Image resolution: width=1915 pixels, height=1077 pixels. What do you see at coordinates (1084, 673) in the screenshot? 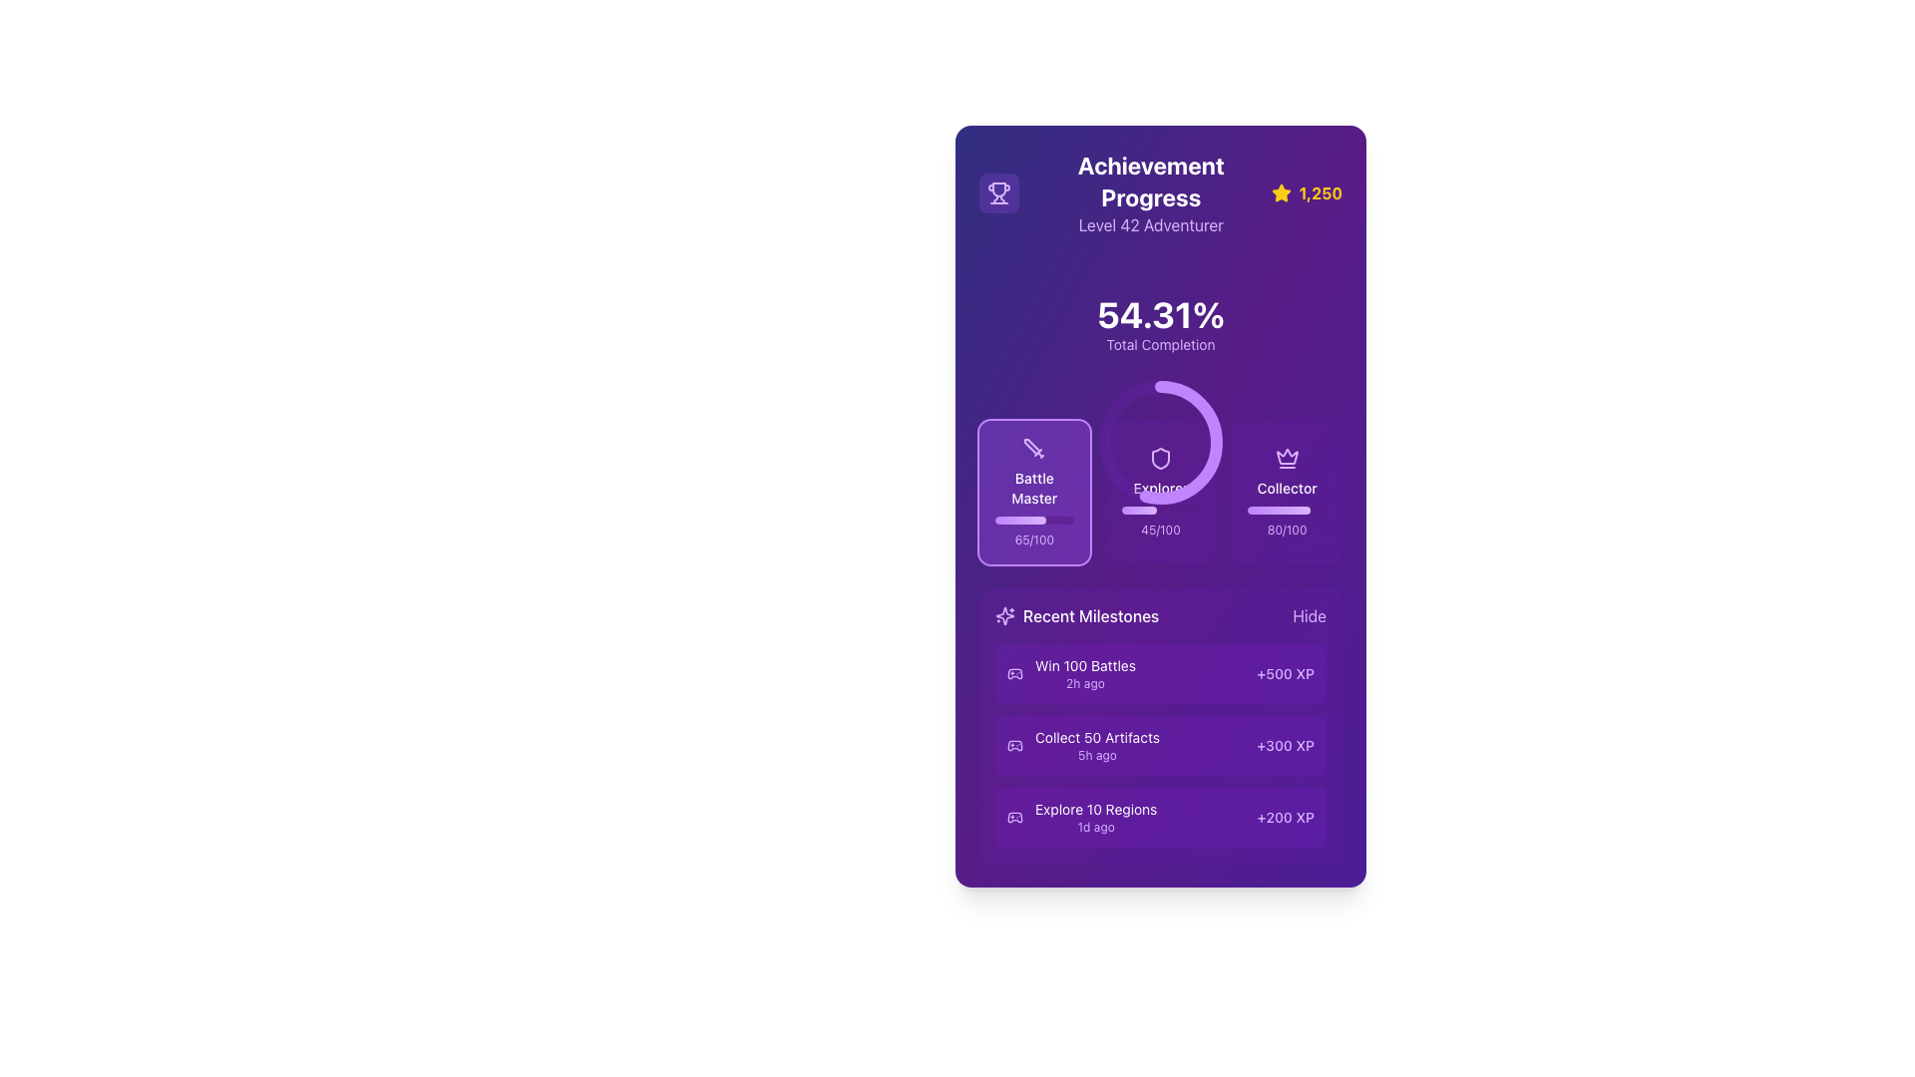
I see `the text content of the text block displaying 'Win 100 Battles' and '2h ago' located under the 'Recent Milestones' section` at bounding box center [1084, 673].